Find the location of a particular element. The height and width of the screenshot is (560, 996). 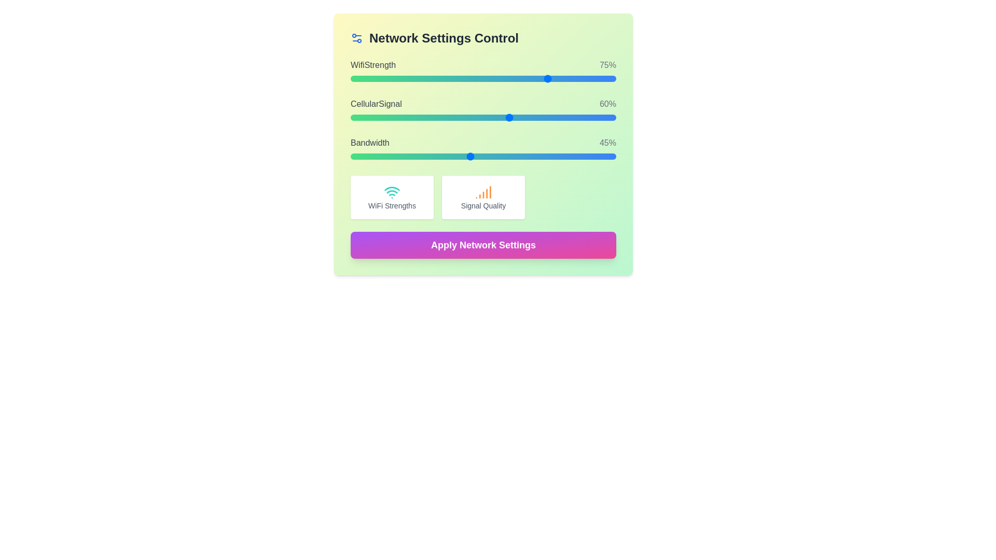

the non-interactive text label displaying the current numeric percentage value of the cellular signal strength, located in the second row of the settings control interface, aligned to the right of the 'CellularSignal' label is located at coordinates (607, 104).